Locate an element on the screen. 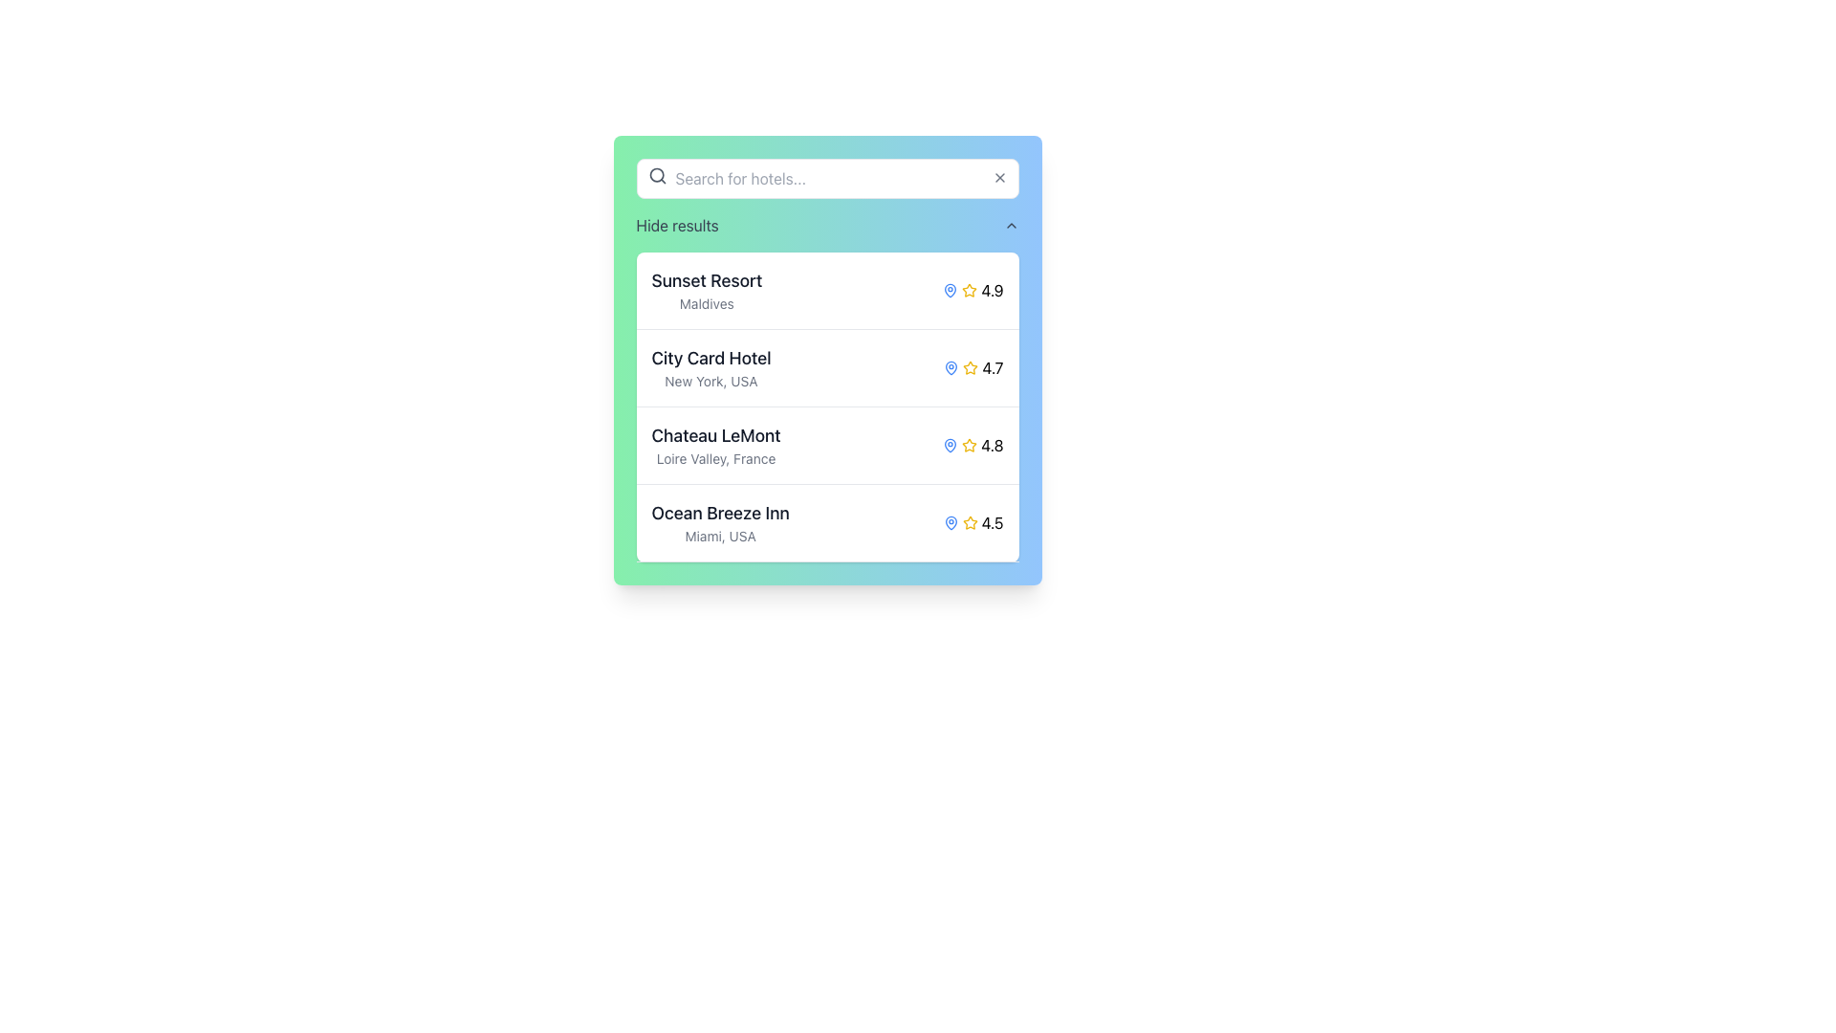 This screenshot has height=1033, width=1836. the SVG Circle that represents the search bar icon, located at the left side of the search input field at the top of the interface is located at coordinates (656, 175).